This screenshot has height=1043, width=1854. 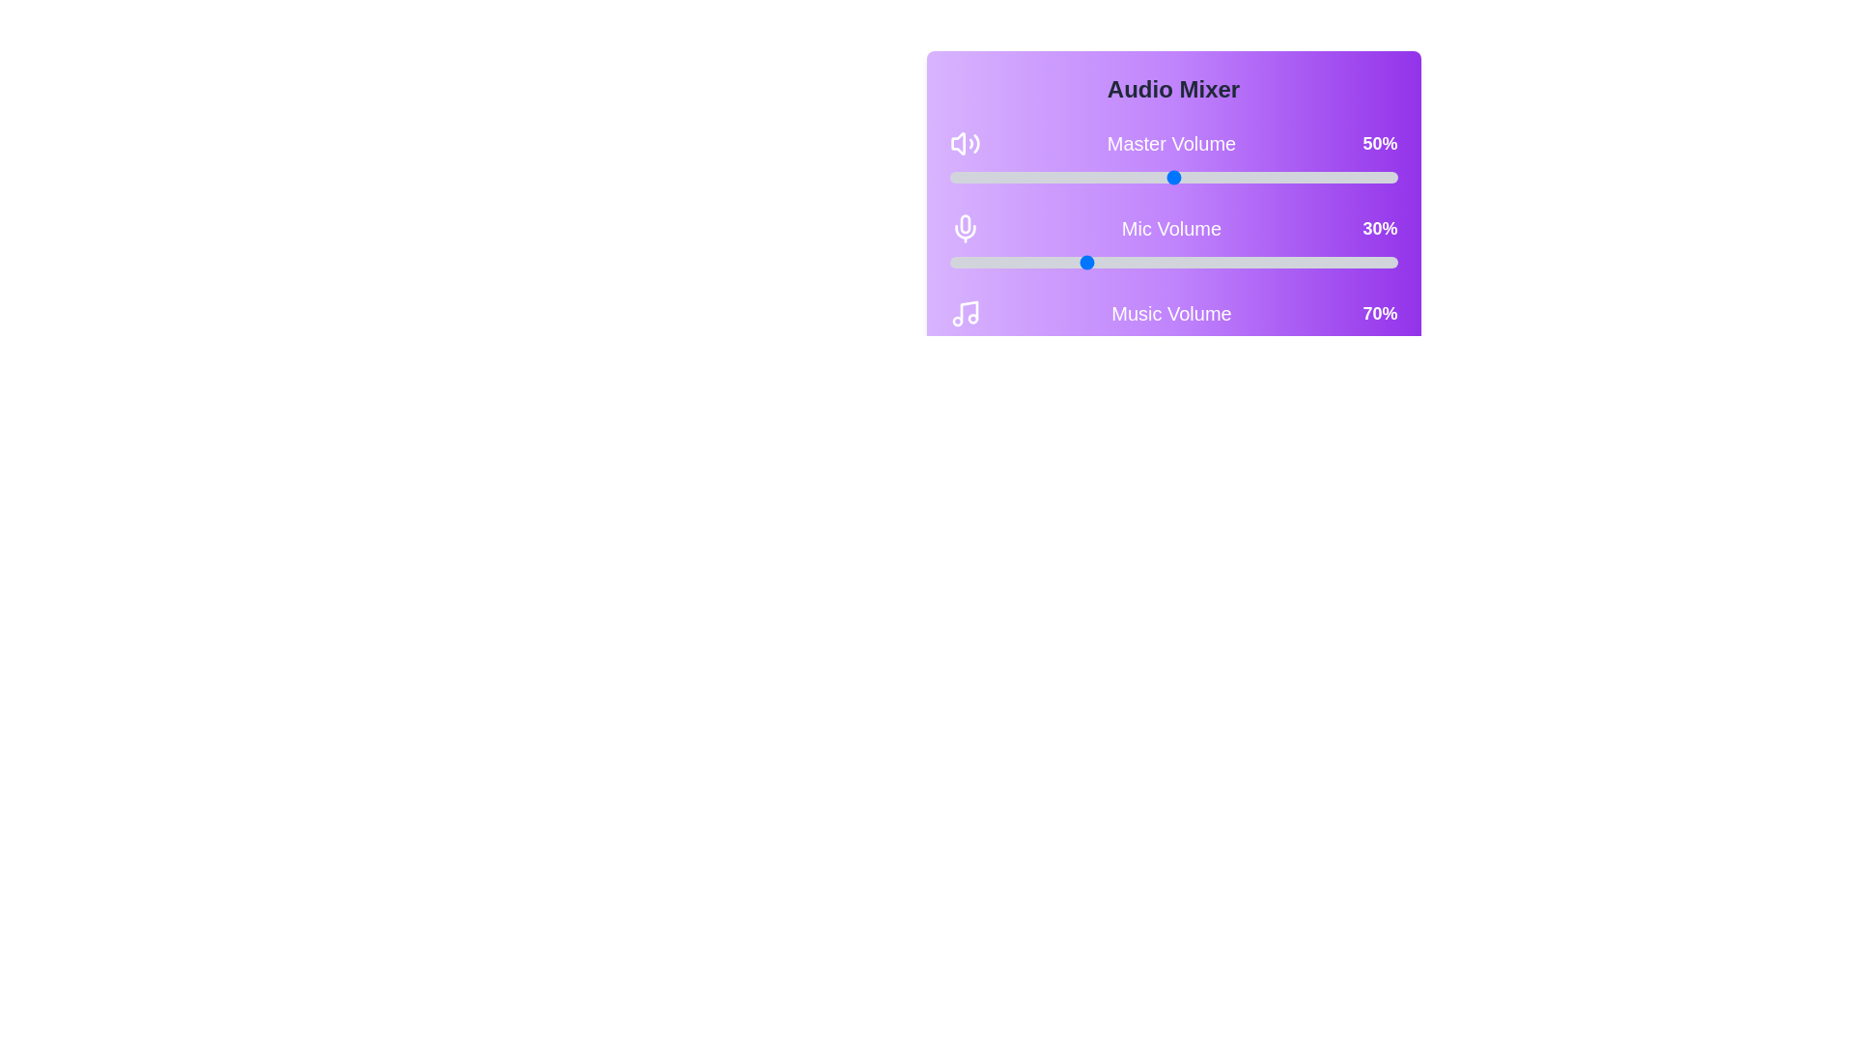 What do you see at coordinates (1388, 178) in the screenshot?
I see `the Master Volume slider` at bounding box center [1388, 178].